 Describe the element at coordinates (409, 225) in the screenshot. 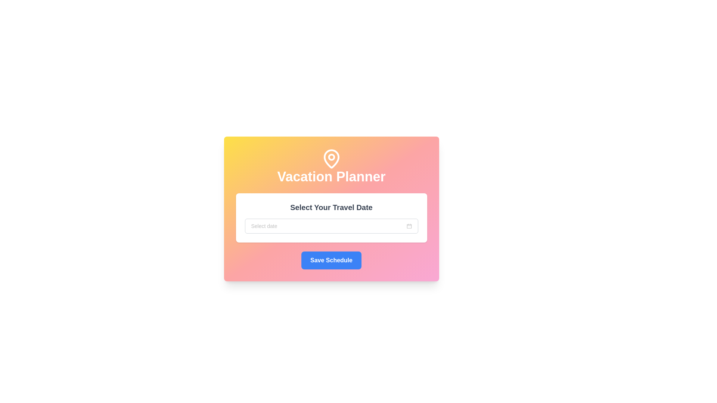

I see `the calendar icon button located at the far-right edge of the 'Select date' input field` at that location.